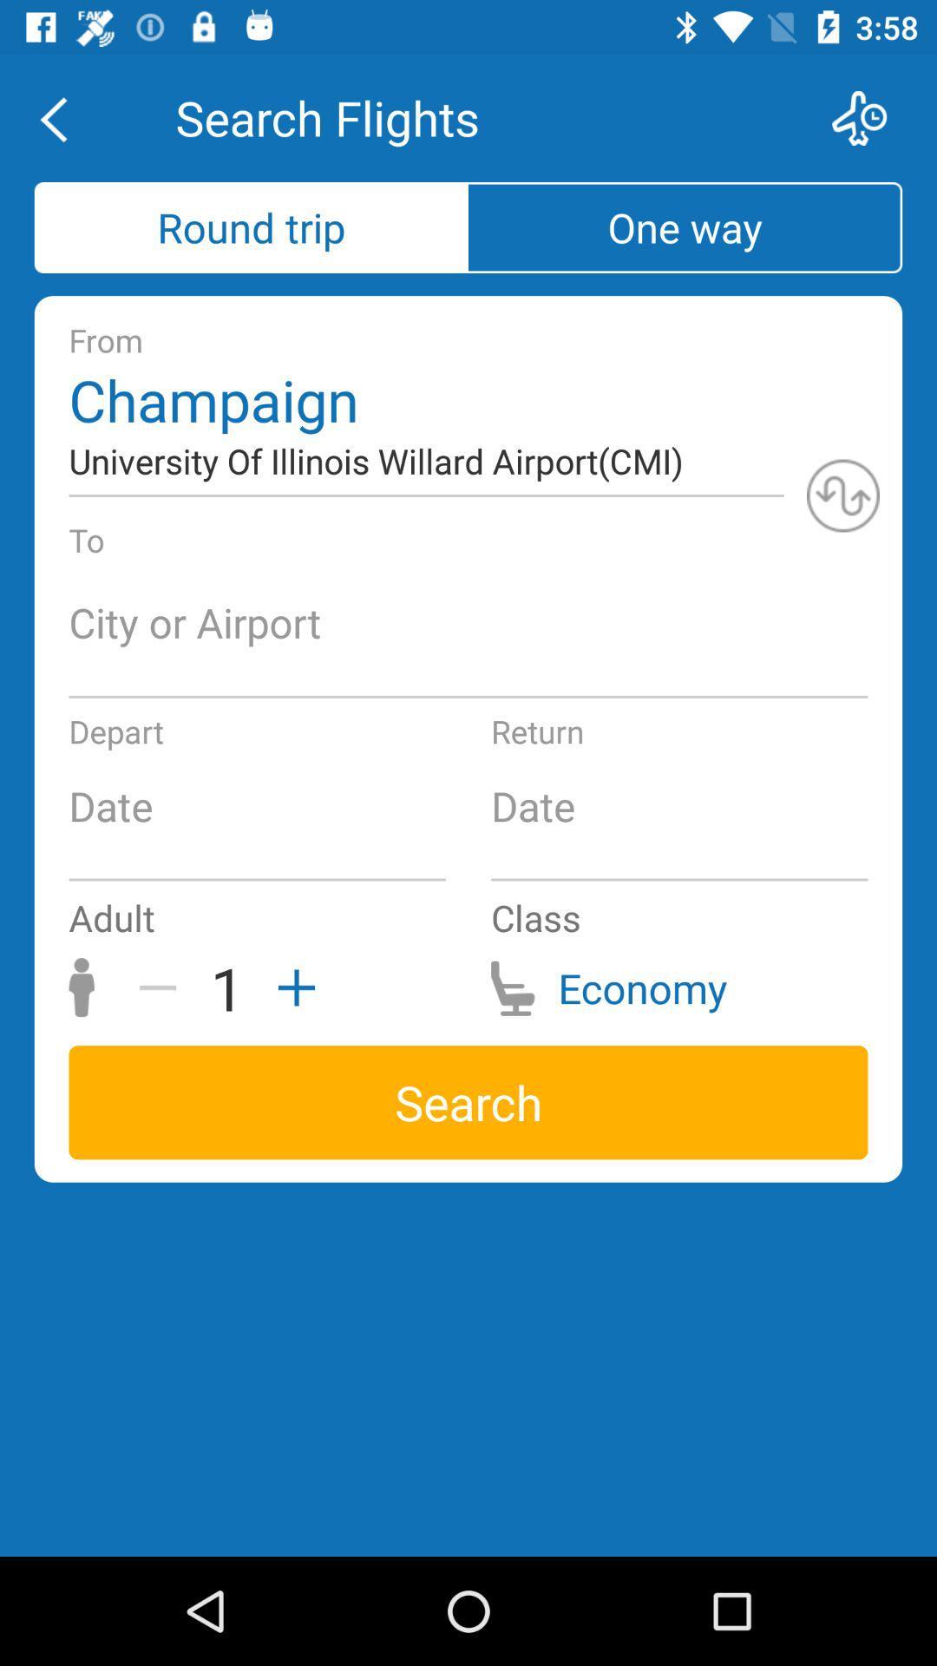  I want to click on flights options, so click(870, 117).